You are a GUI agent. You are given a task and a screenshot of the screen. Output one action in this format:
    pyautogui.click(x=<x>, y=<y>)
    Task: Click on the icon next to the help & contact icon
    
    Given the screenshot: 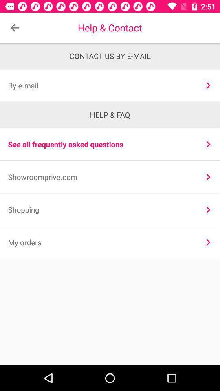 What is the action you would take?
    pyautogui.click(x=15, y=28)
    